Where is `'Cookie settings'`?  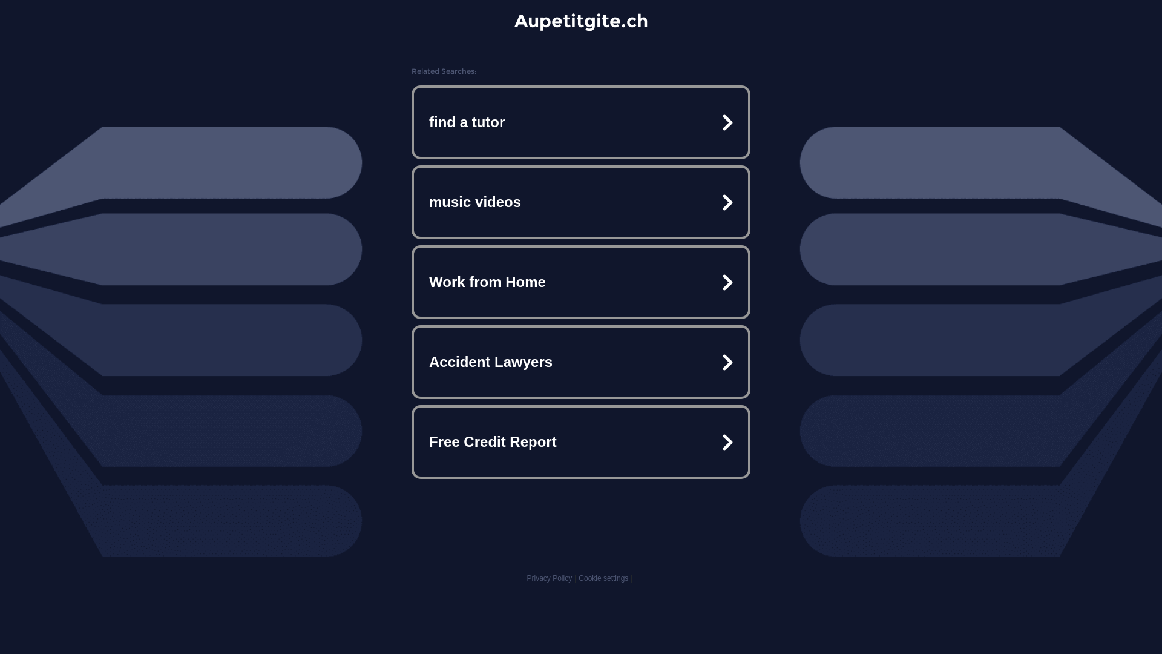 'Cookie settings' is located at coordinates (603, 578).